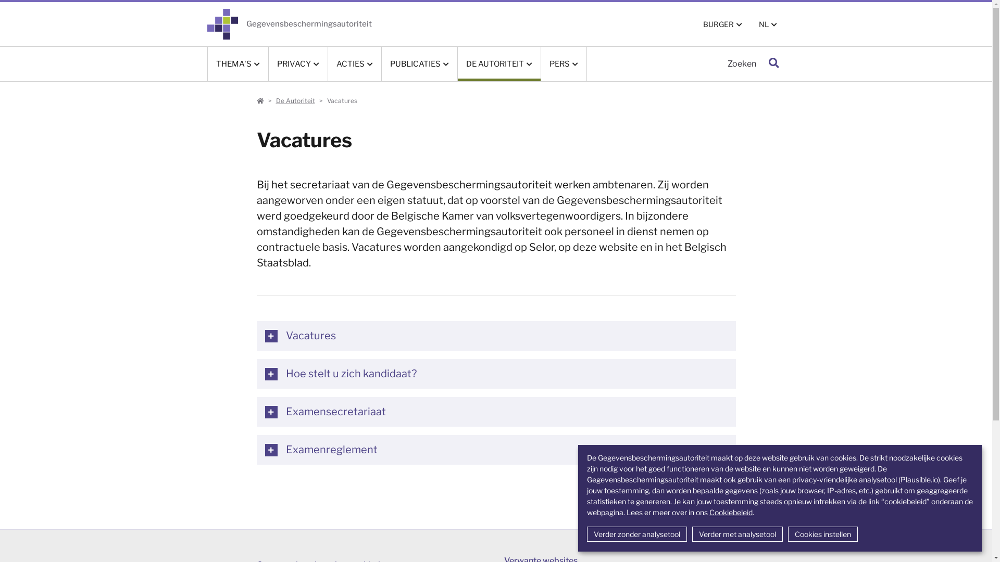 Image resolution: width=1000 pixels, height=562 pixels. I want to click on 'PRIVACY', so click(297, 64).